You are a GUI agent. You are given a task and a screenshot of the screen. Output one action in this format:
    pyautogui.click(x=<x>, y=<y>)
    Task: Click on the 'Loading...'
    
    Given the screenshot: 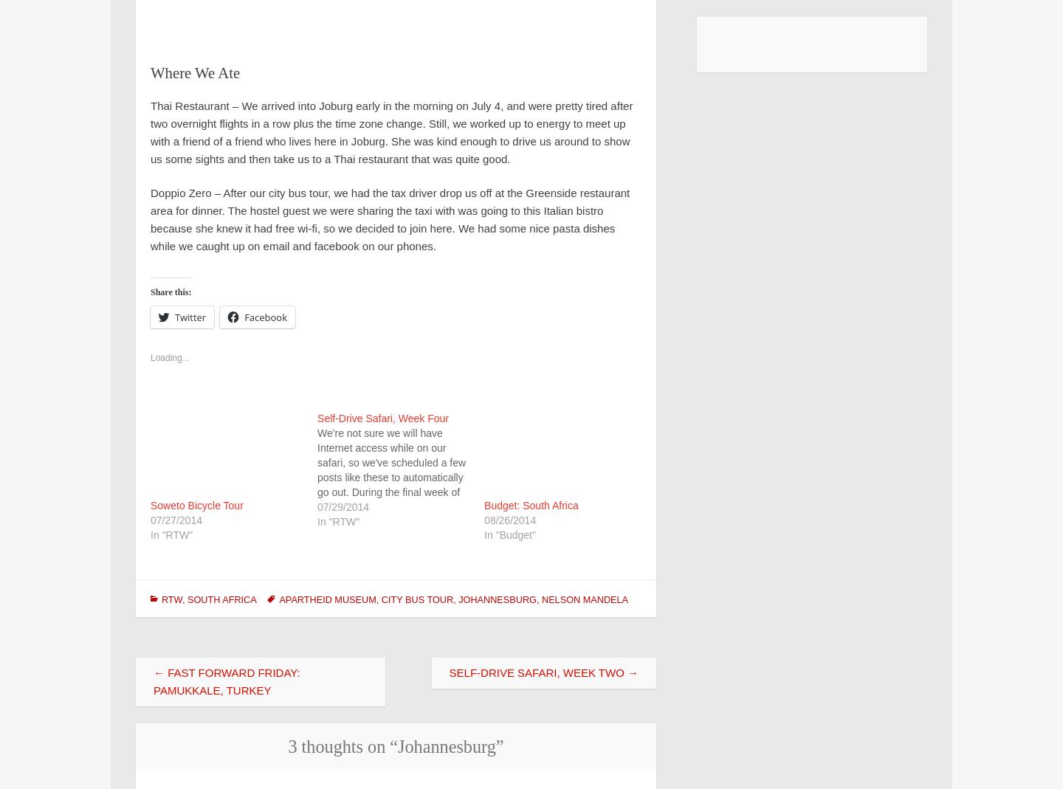 What is the action you would take?
    pyautogui.click(x=151, y=357)
    